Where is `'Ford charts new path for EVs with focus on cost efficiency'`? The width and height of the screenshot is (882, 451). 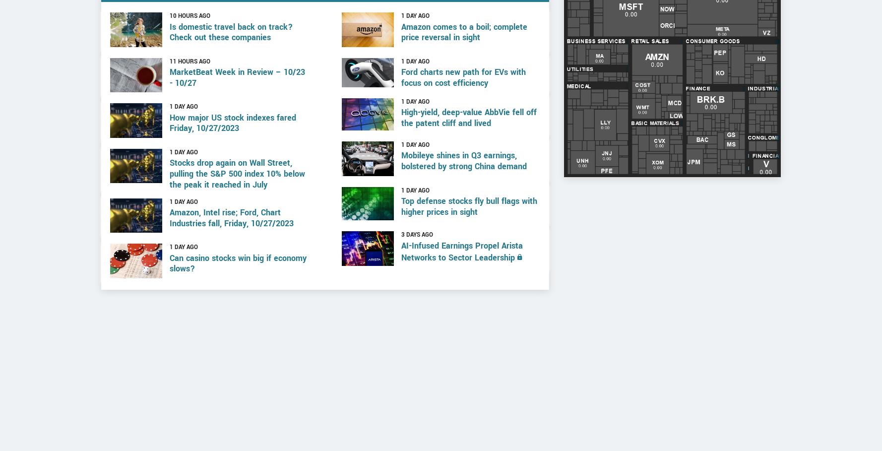 'Ford charts new path for EVs with focus on cost efficiency' is located at coordinates (463, 115).